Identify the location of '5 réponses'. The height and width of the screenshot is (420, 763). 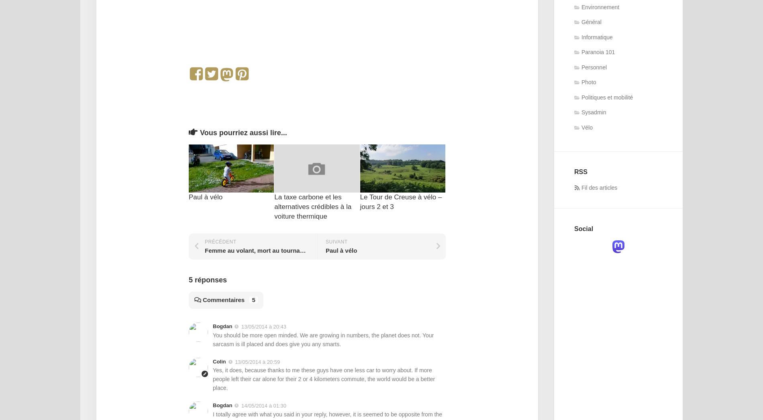
(208, 279).